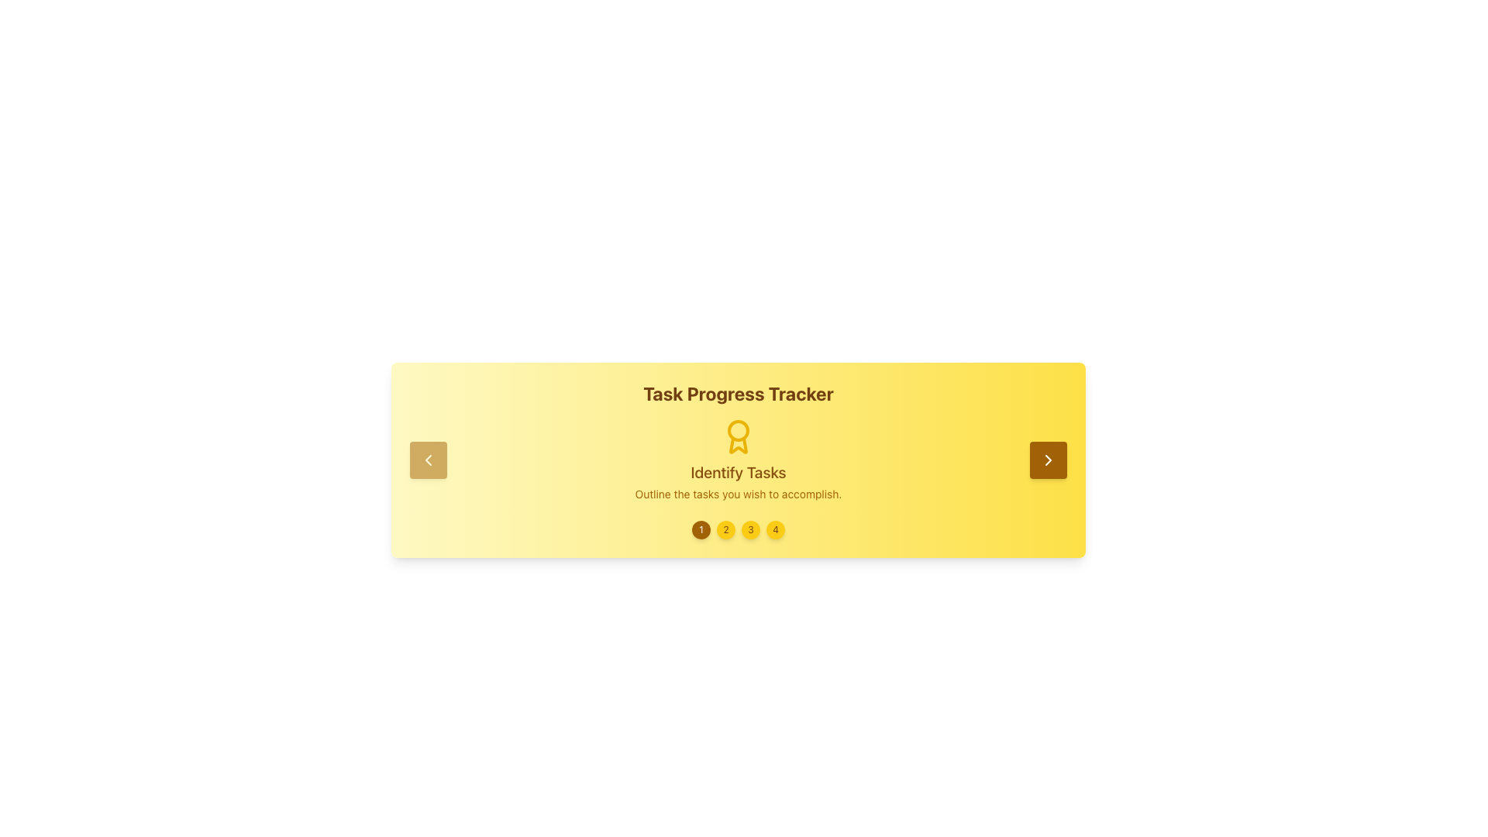 Image resolution: width=1488 pixels, height=837 pixels. What do you see at coordinates (738, 436) in the screenshot?
I see `the award medal icon, which is the main visual element for the task titled 'Identify Tasks', located above the text descriptions` at bounding box center [738, 436].